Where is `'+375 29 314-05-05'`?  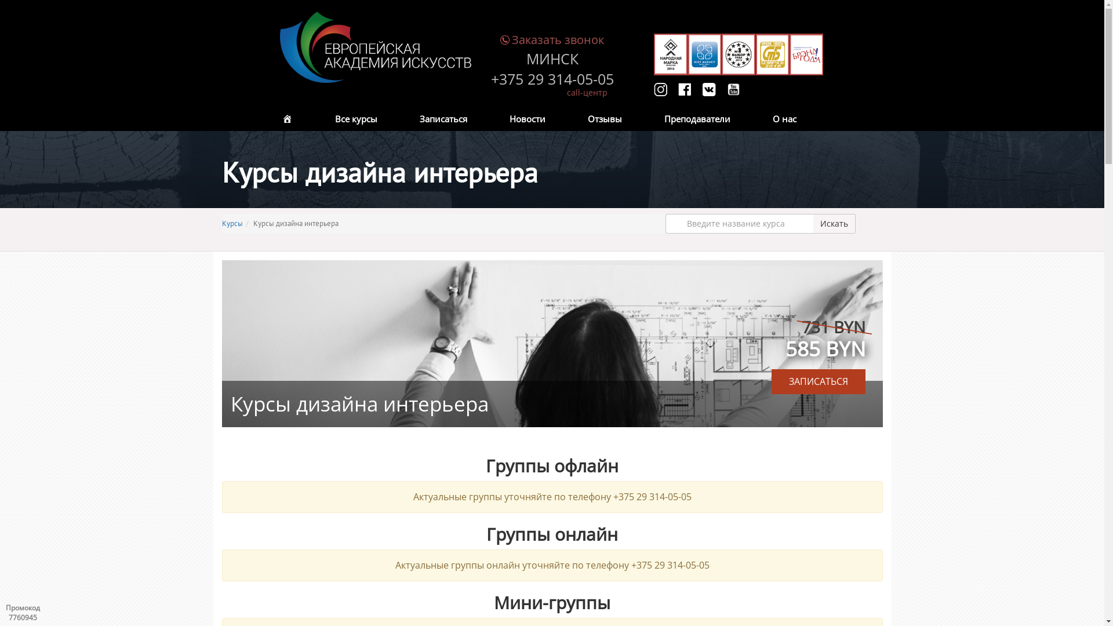 '+375 29 314-05-05' is located at coordinates (490, 79).